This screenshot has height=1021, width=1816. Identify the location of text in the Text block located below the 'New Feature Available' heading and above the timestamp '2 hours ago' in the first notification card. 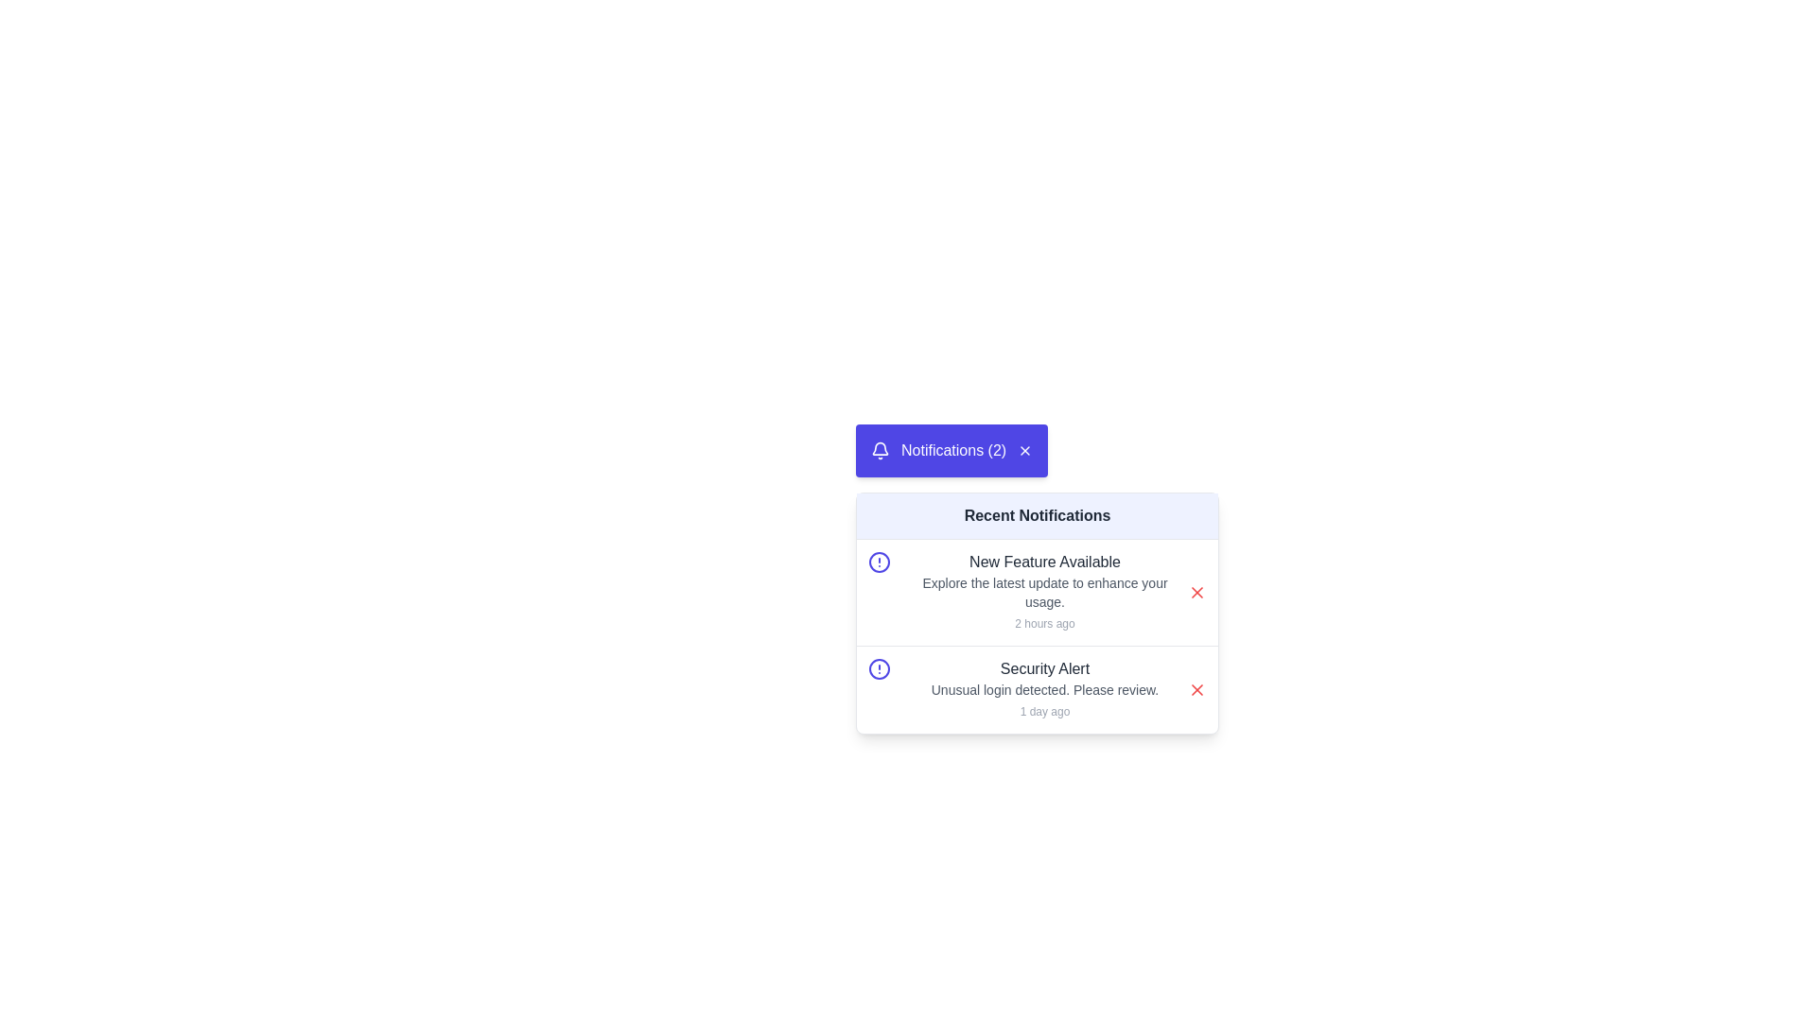
(1043, 592).